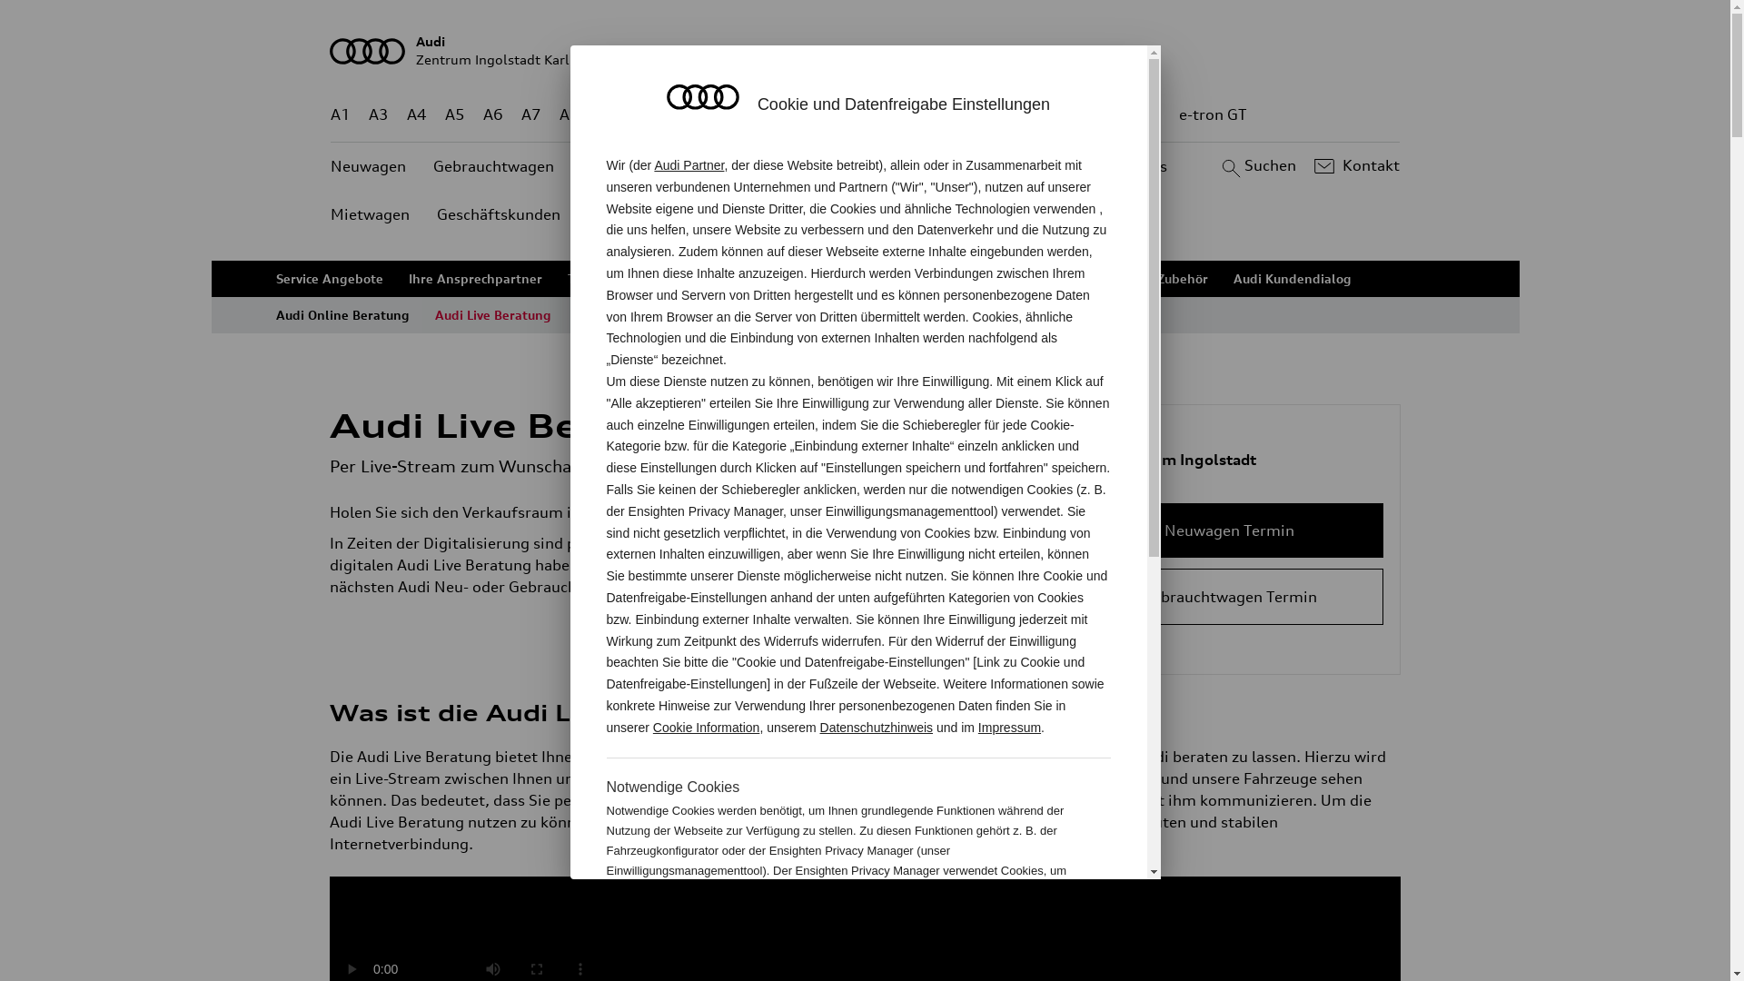 This screenshot has height=981, width=1744. I want to click on 'Q2', so click(608, 114).